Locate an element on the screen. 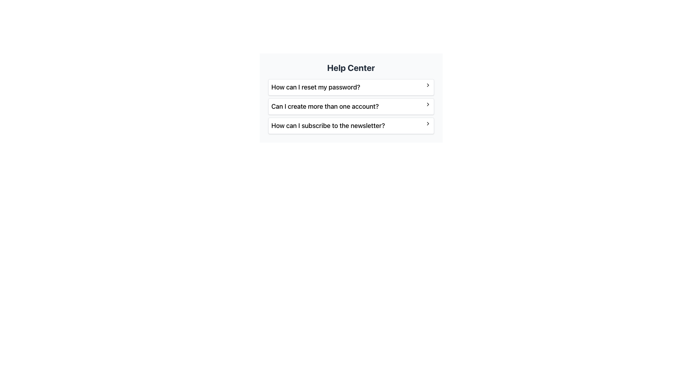 The image size is (686, 385). the FAQ entry displaying the question 'How can I reset my password?' is located at coordinates (351, 87).